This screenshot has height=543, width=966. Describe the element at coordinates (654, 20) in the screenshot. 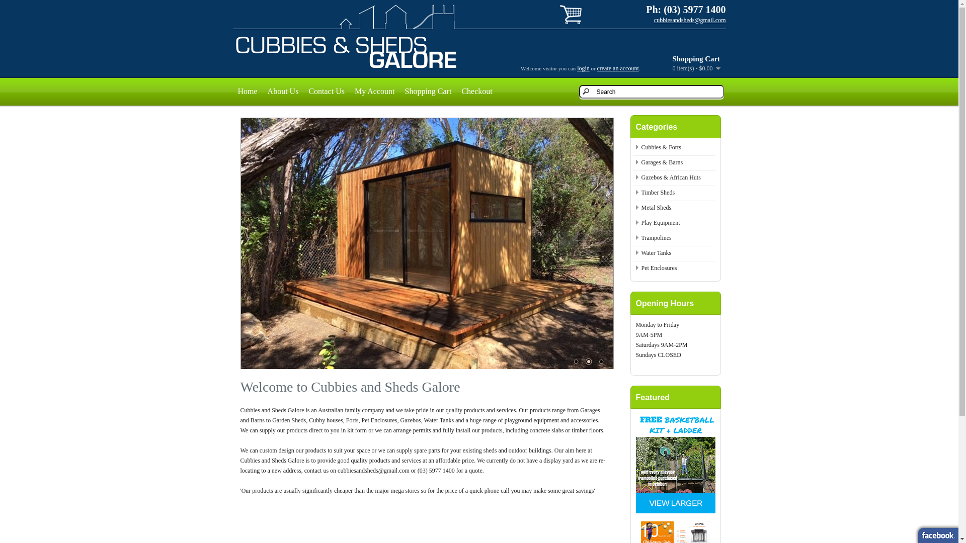

I see `'cubbiesandsheds@gmail.com'` at that location.